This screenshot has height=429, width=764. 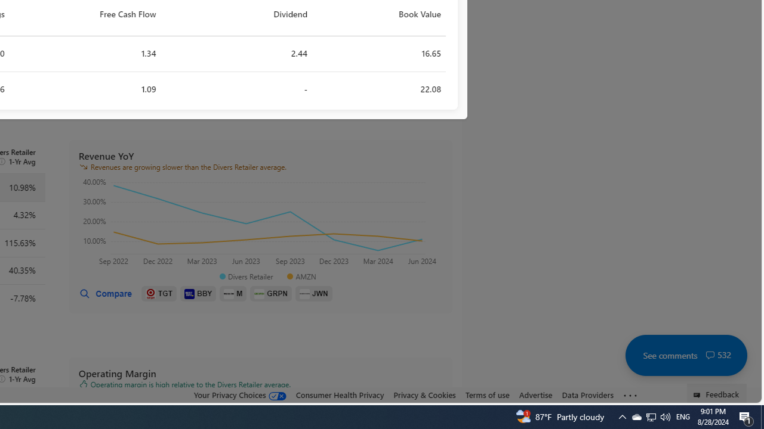 I want to click on 'Data Providers', so click(x=587, y=394).